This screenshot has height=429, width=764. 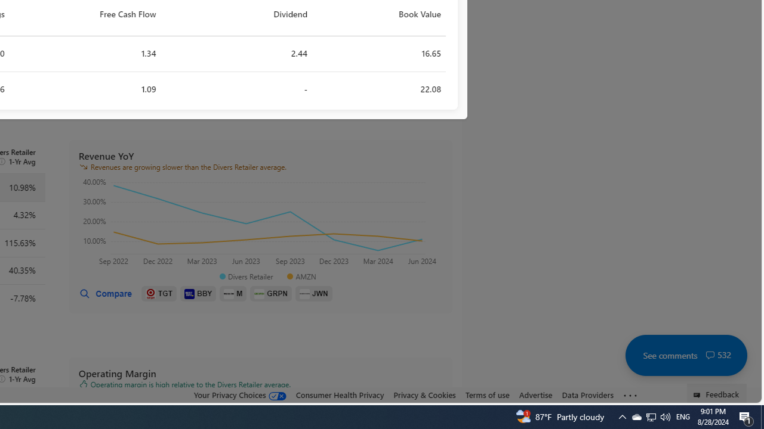 I want to click on 'Data Providers', so click(x=587, y=394).